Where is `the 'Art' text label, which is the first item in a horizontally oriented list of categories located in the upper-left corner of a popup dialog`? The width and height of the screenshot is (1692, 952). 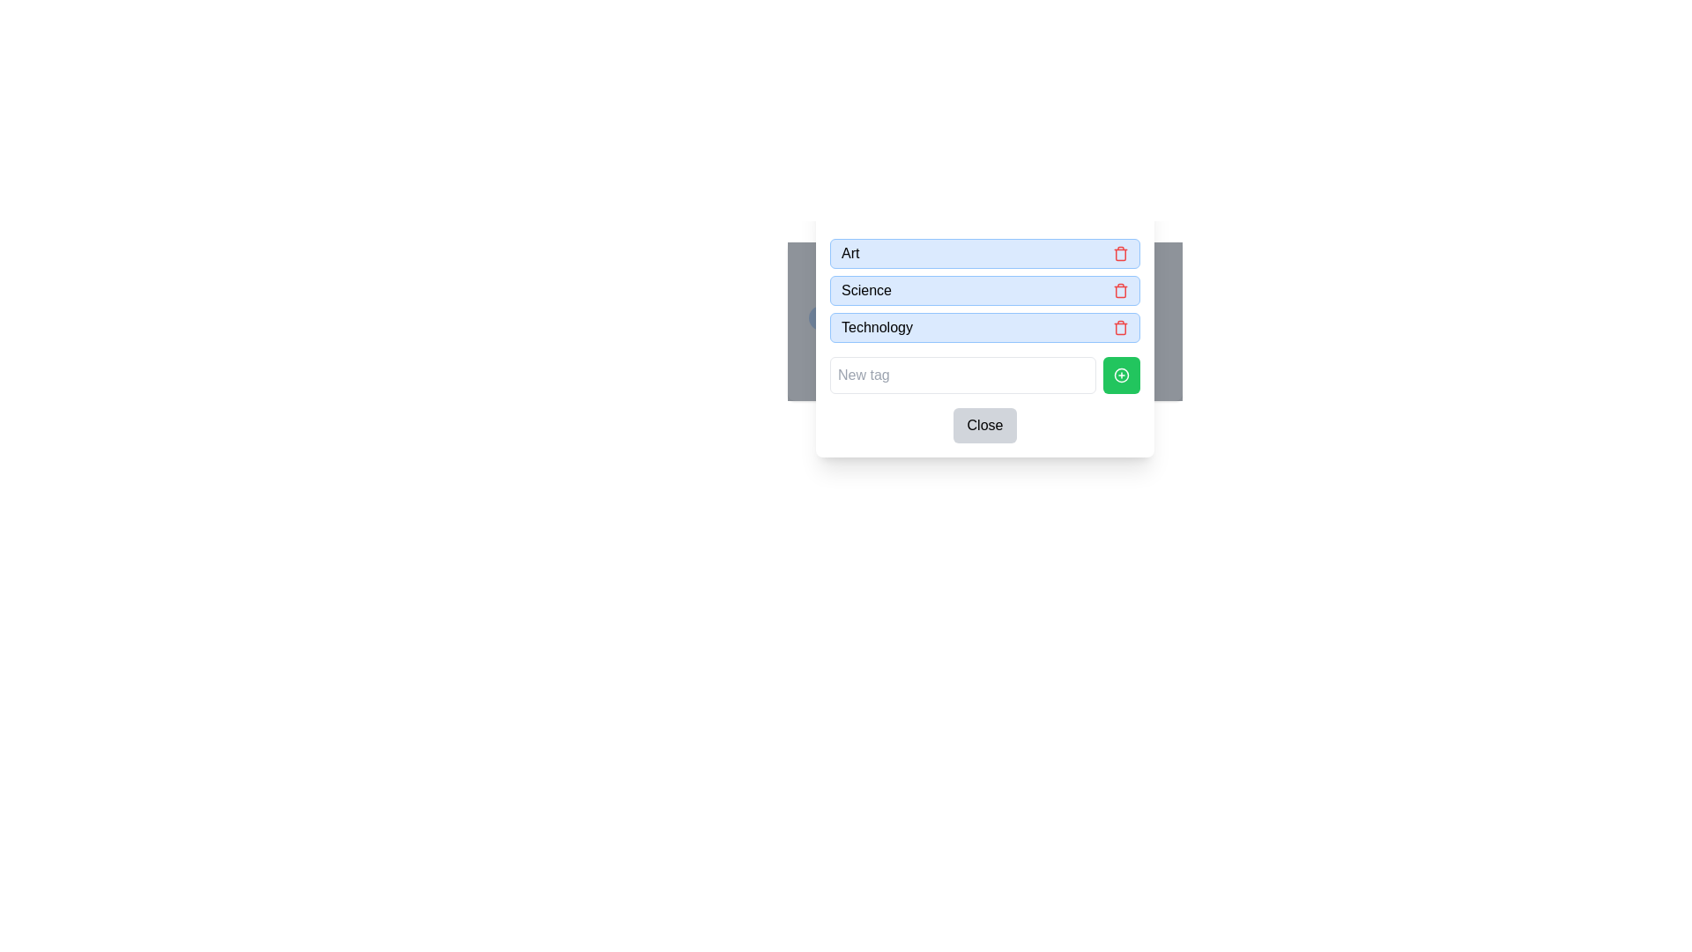 the 'Art' text label, which is the first item in a horizontally oriented list of categories located in the upper-left corner of a popup dialog is located at coordinates (850, 254).